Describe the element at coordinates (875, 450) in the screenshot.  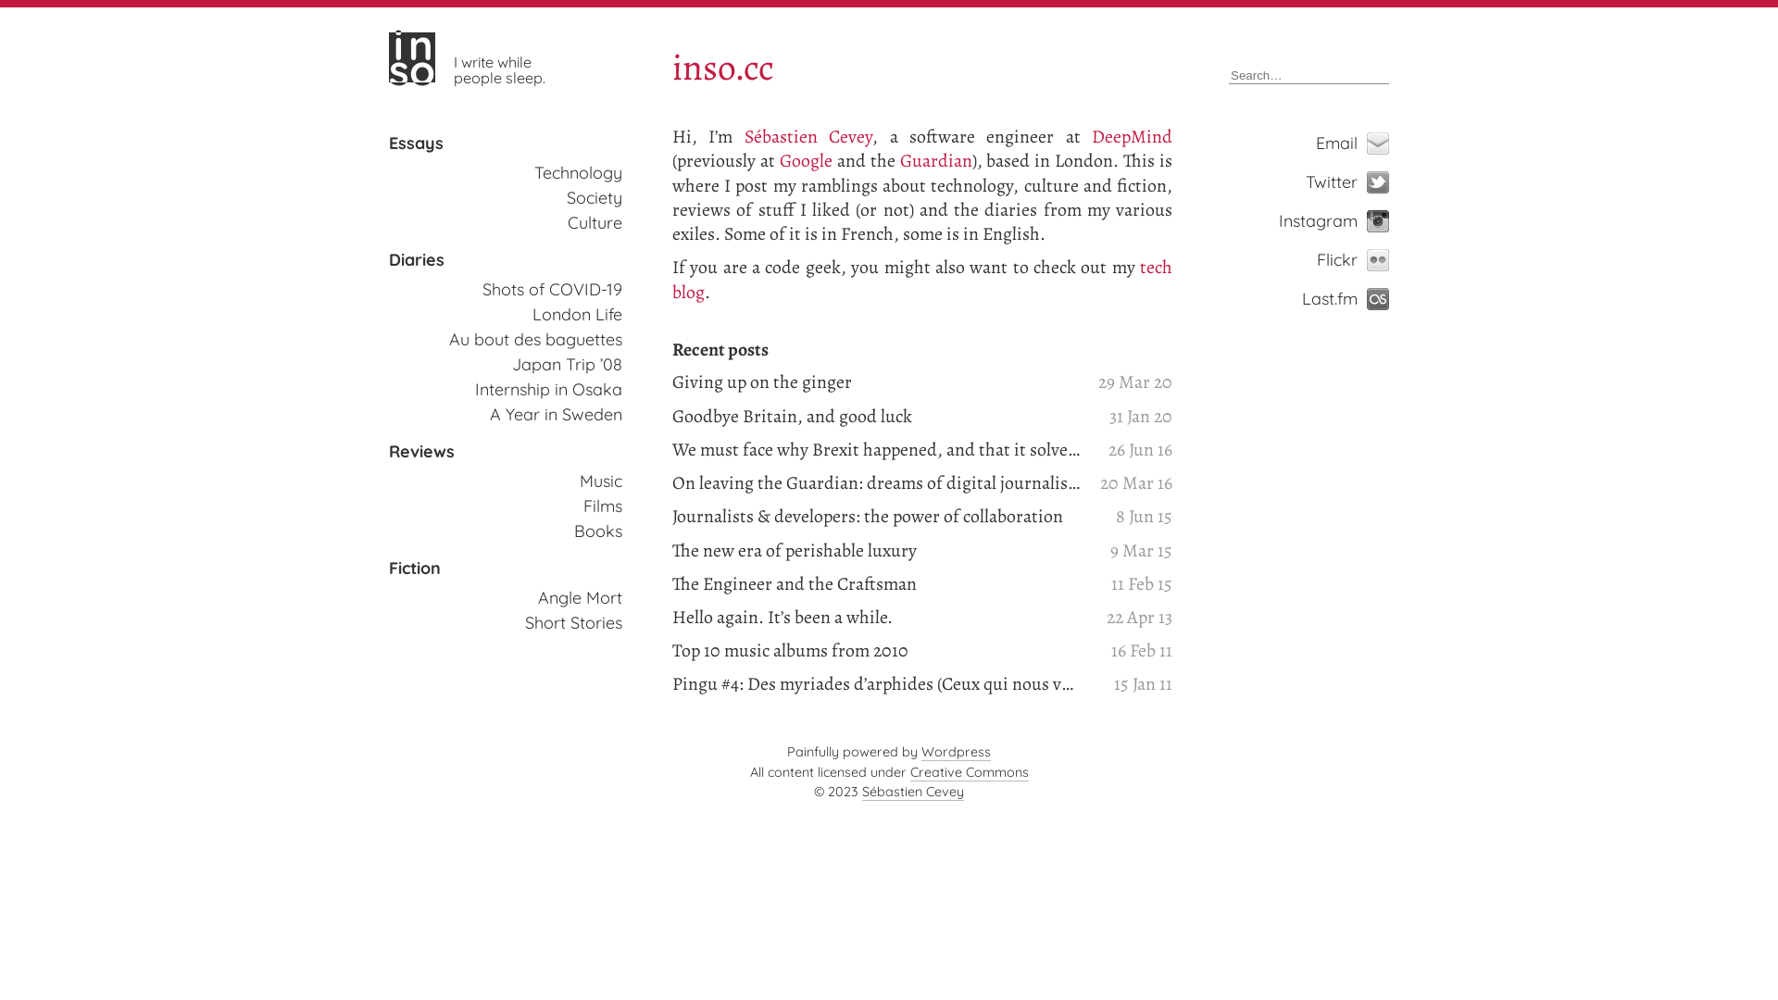
I see `'We must face why Brexit happened, and that it solves nothing'` at that location.